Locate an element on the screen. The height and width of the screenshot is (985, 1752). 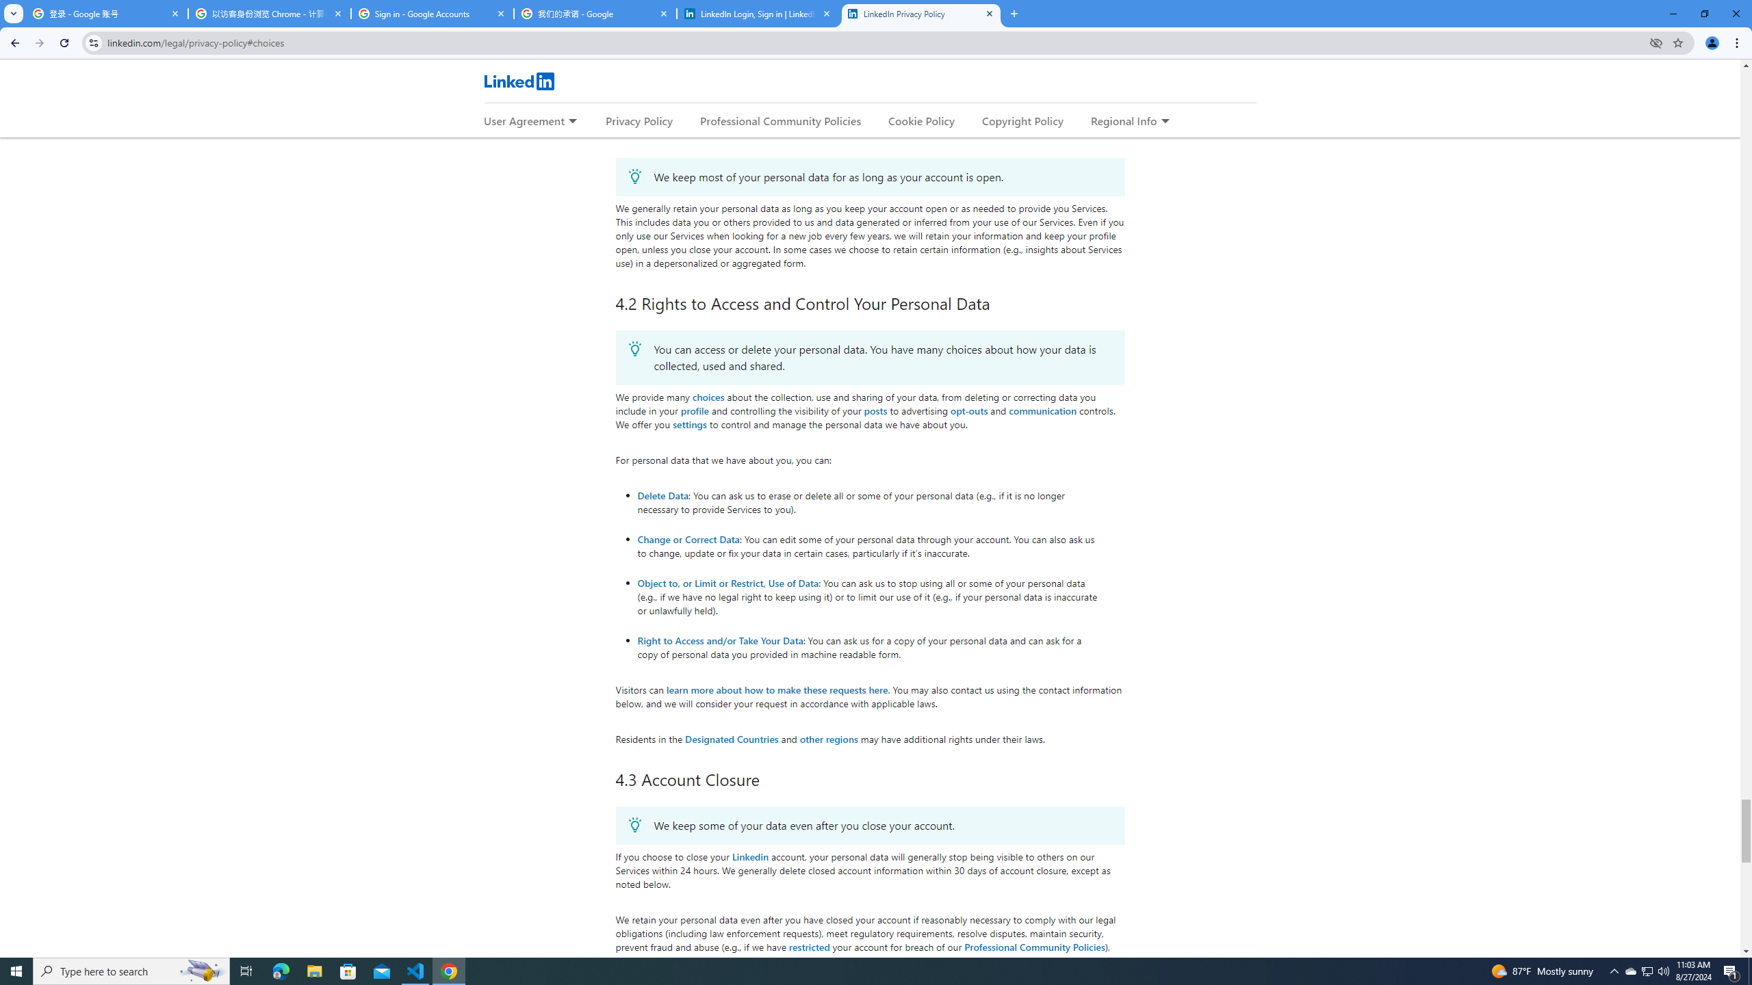
'Object to, or Limit or Restrict, Use of Data' is located at coordinates (727, 582).